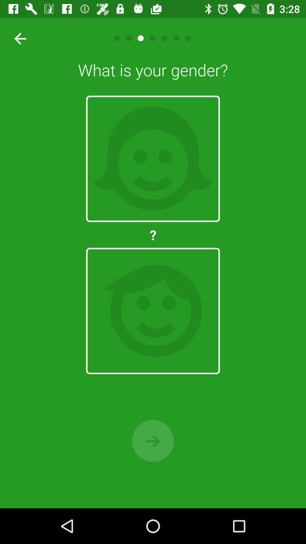 The width and height of the screenshot is (306, 544). I want to click on chose female gender, so click(153, 159).